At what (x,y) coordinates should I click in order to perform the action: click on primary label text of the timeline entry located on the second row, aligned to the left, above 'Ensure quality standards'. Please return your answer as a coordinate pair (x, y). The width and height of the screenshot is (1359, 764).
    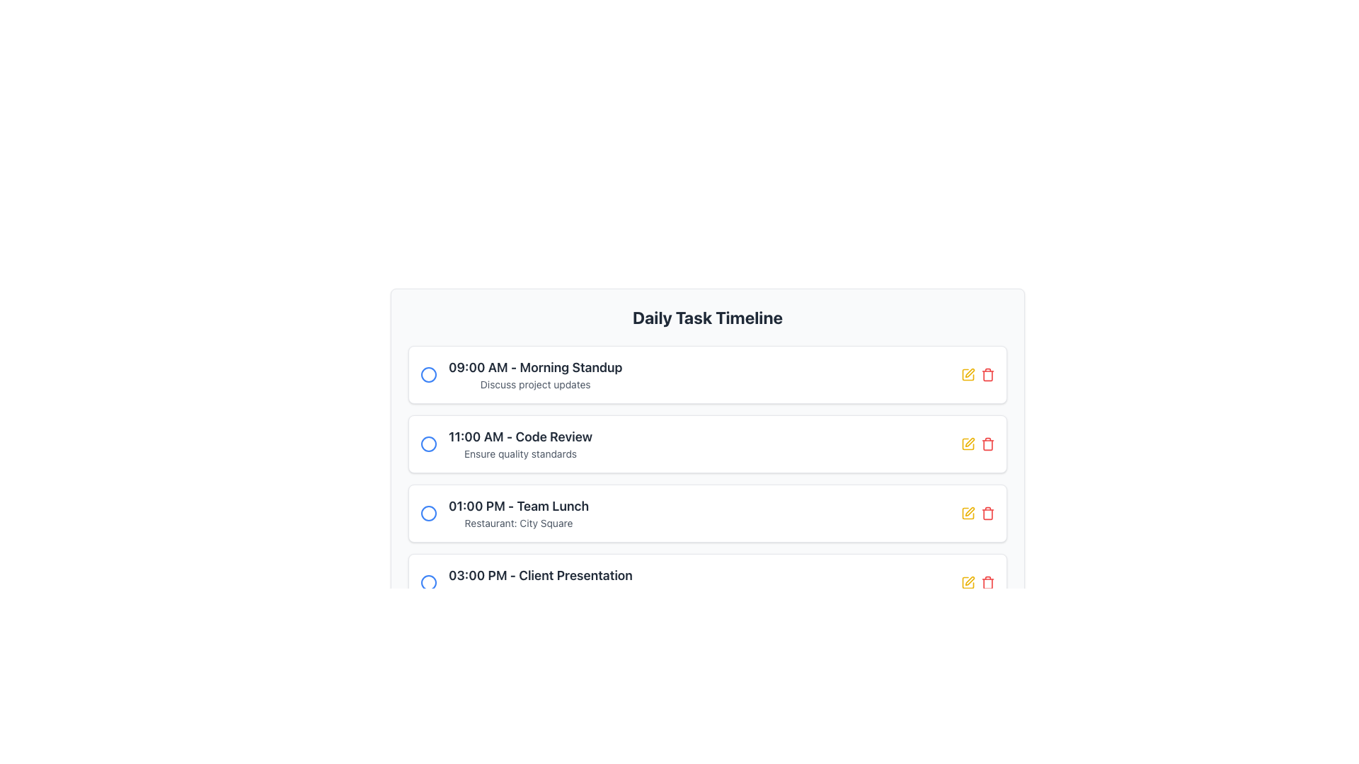
    Looking at the image, I should click on (520, 436).